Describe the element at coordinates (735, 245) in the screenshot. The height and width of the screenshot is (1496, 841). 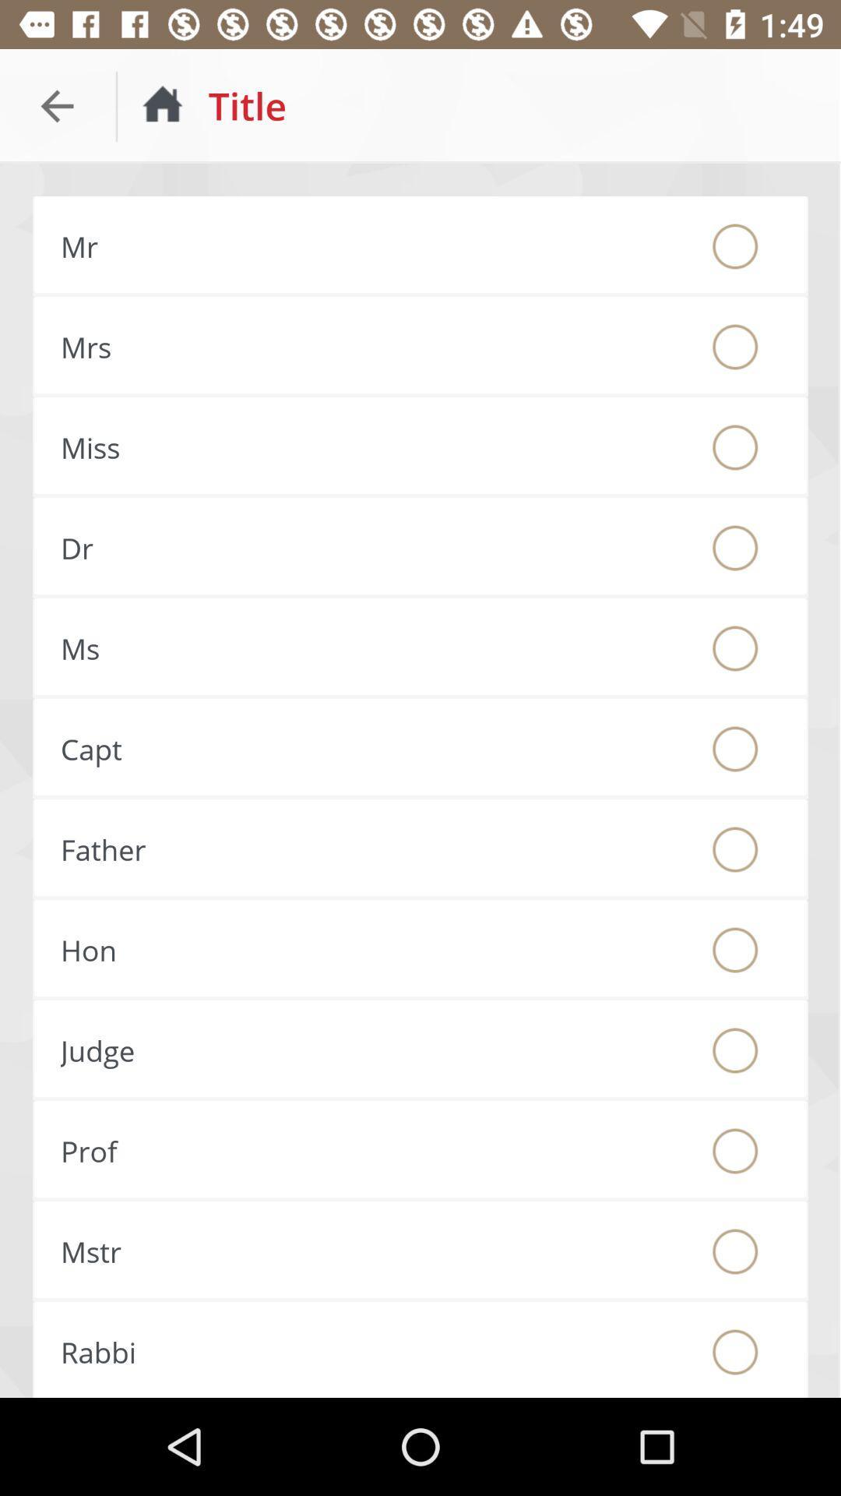
I see `radio selection` at that location.